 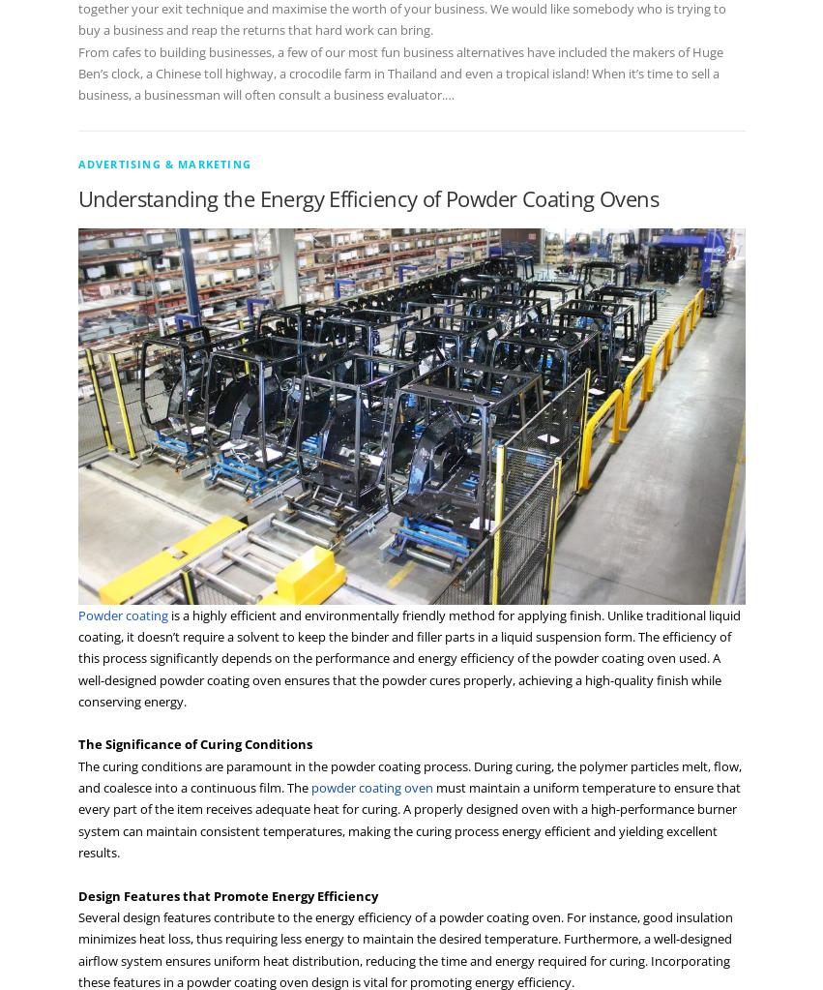 I want to click on 'is a highly efficient and environmentally friendly method for applying finish. Unlike traditional liquid coating, it doesn’t require a solvent to keep the binder and filler parts in a liquid suspension form. The efficiency of this process significantly depends on the performance and energy efficiency of the powder coating oven used. A well-designed powder coating oven ensures that the powder cures properly, achieving a high-quality finish while conserving energy.', so click(x=407, y=656).